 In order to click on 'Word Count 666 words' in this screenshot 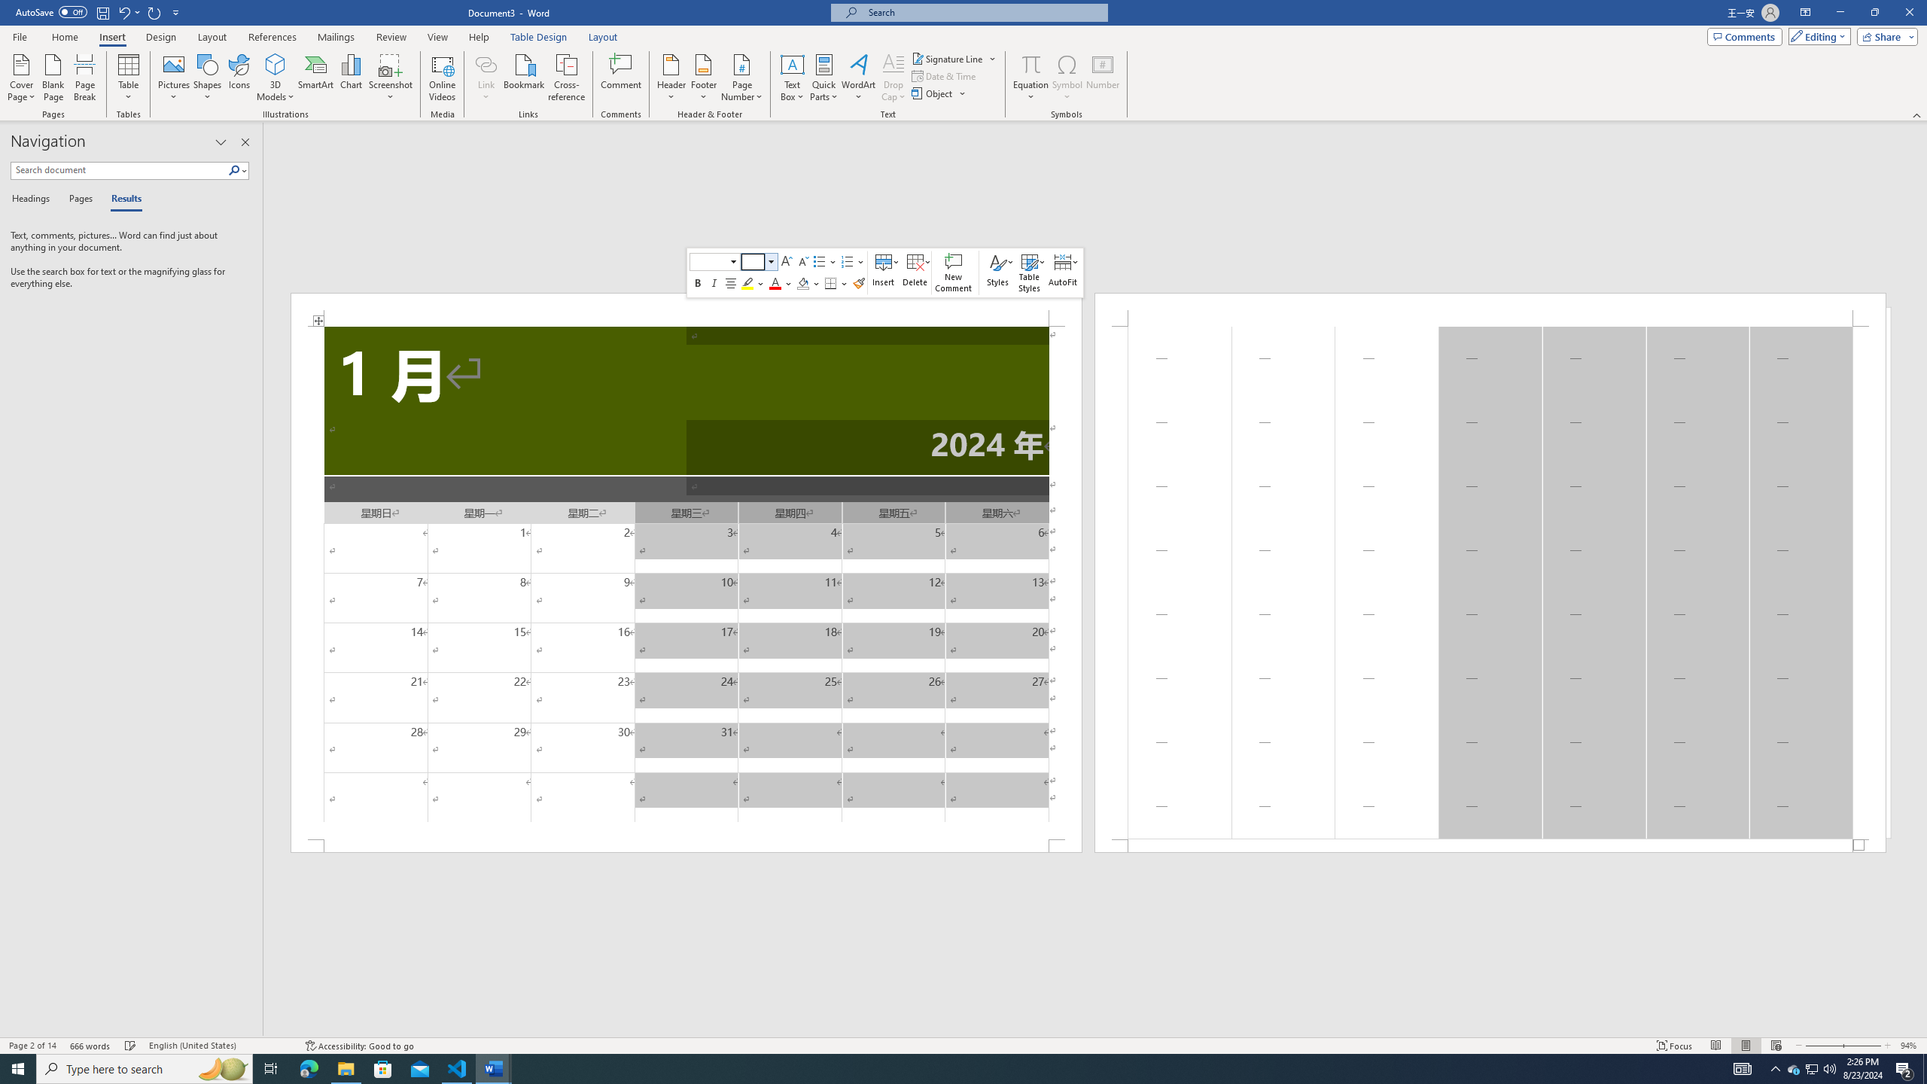, I will do `click(91, 1046)`.